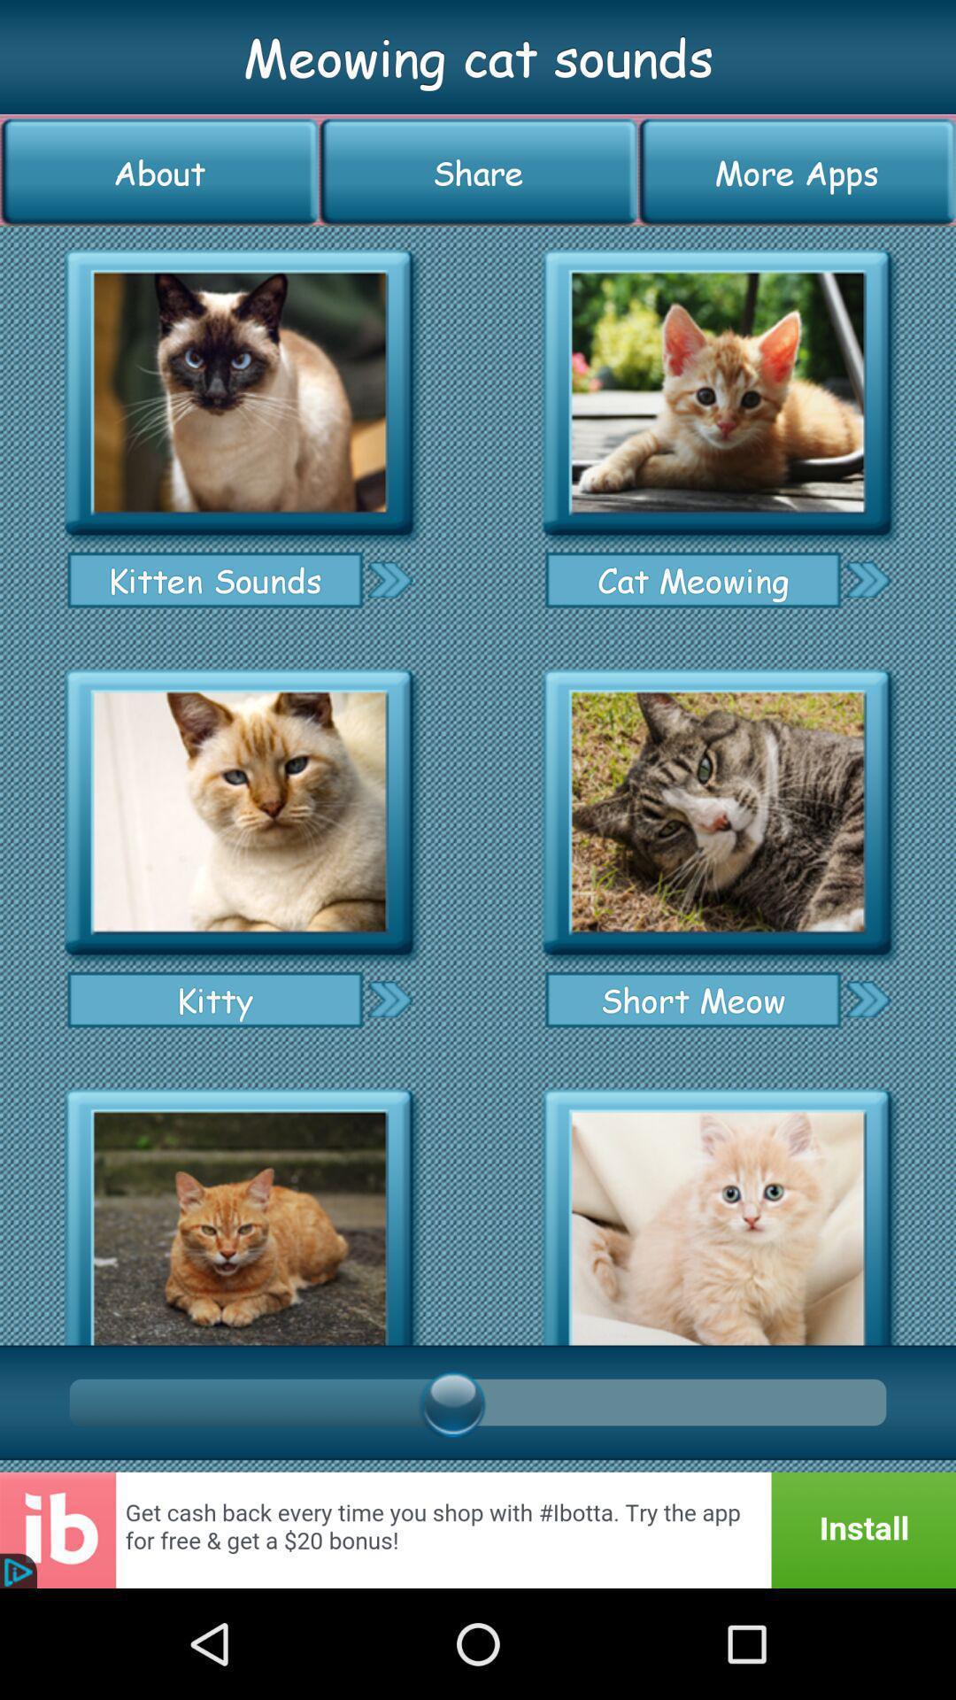  I want to click on the short meow item, so click(692, 1000).